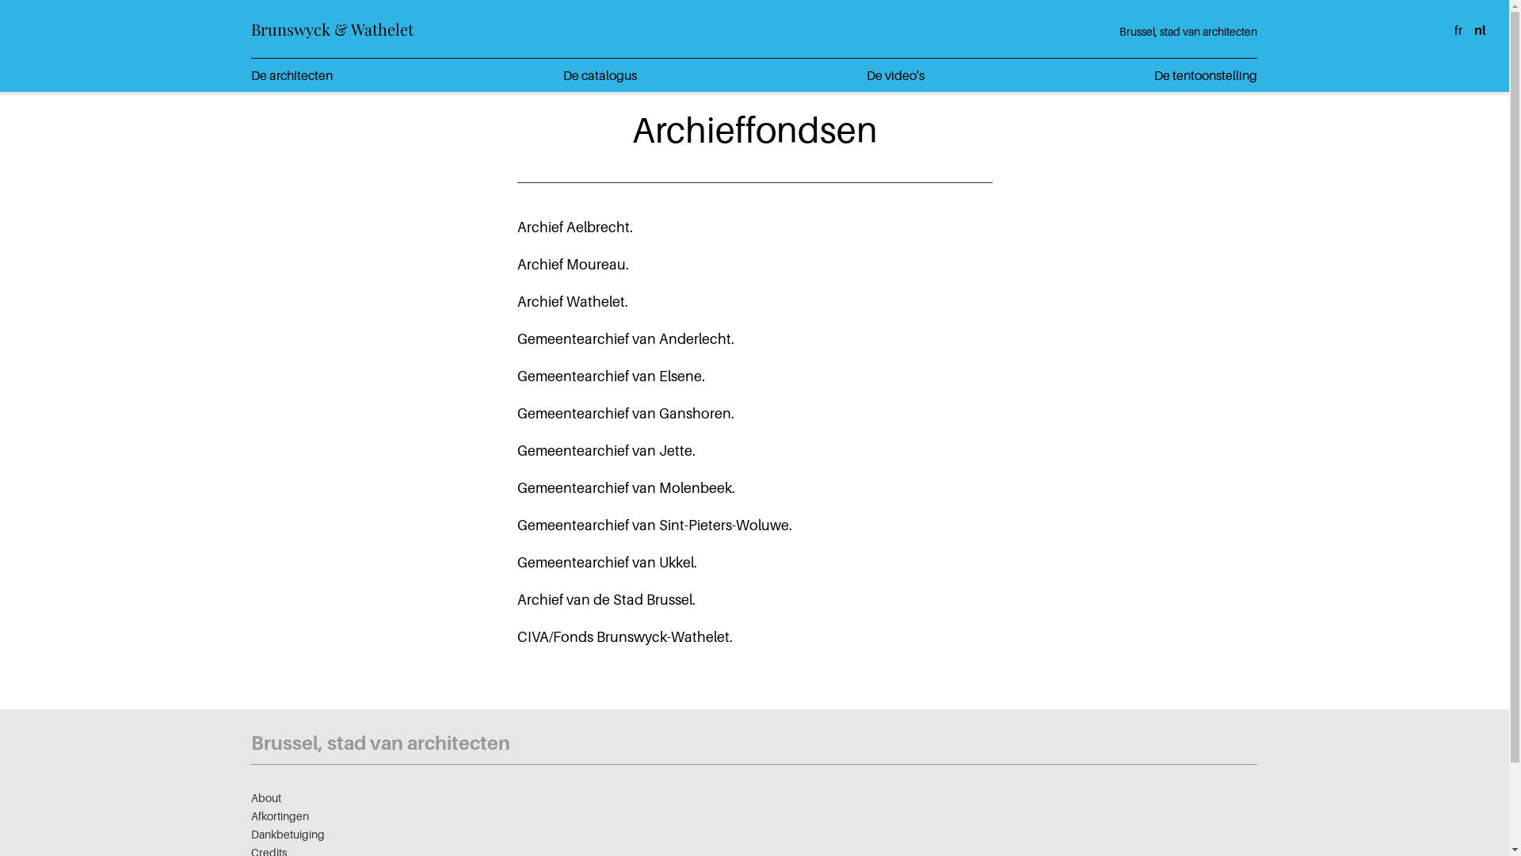  Describe the element at coordinates (280, 816) in the screenshot. I see `'Afkortingen'` at that location.